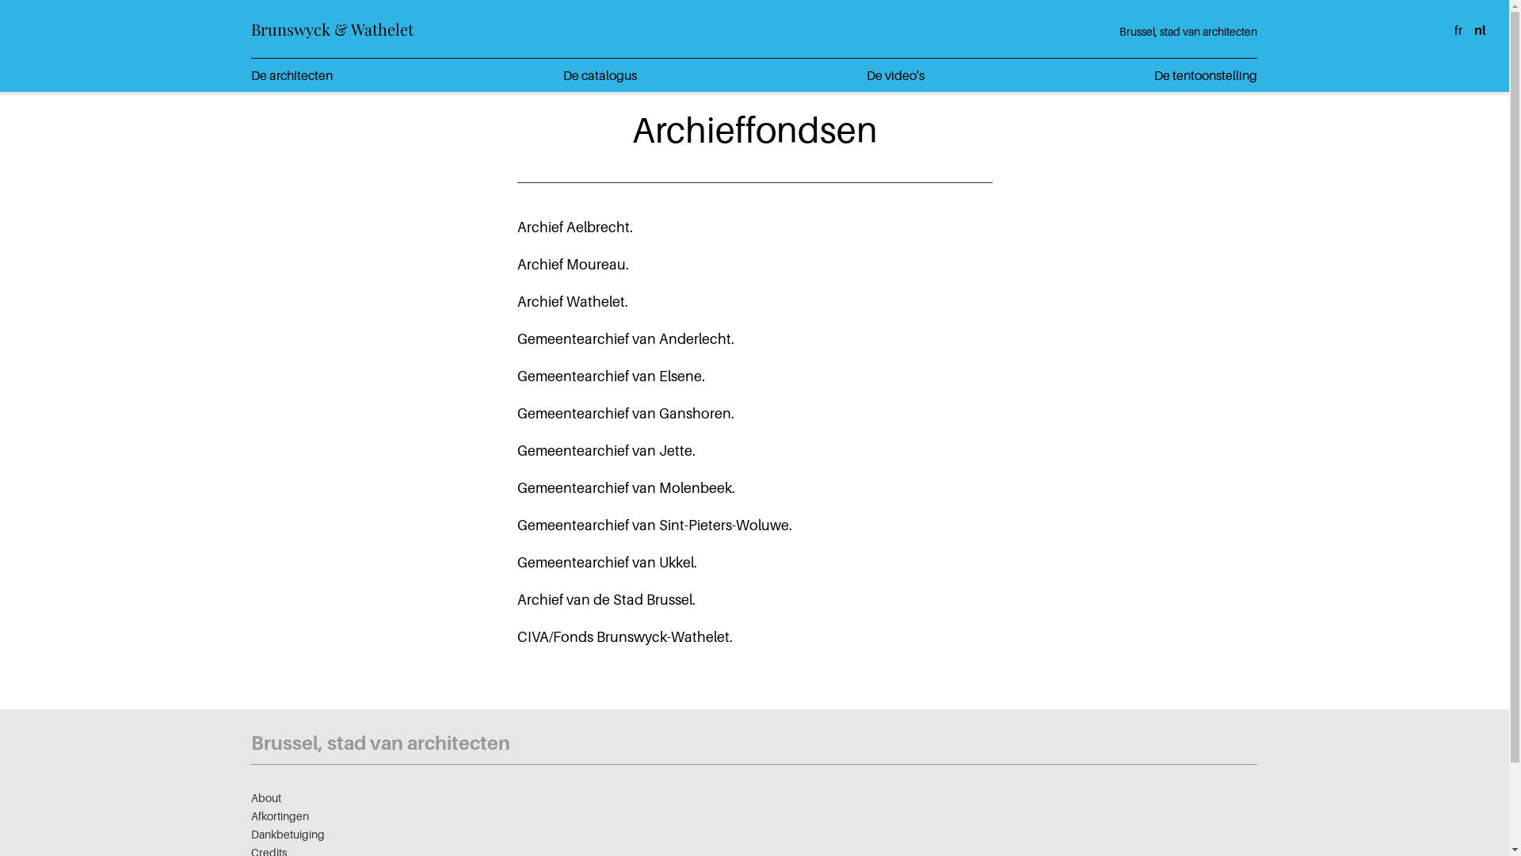  Describe the element at coordinates (280, 816) in the screenshot. I see `'Afkortingen'` at that location.